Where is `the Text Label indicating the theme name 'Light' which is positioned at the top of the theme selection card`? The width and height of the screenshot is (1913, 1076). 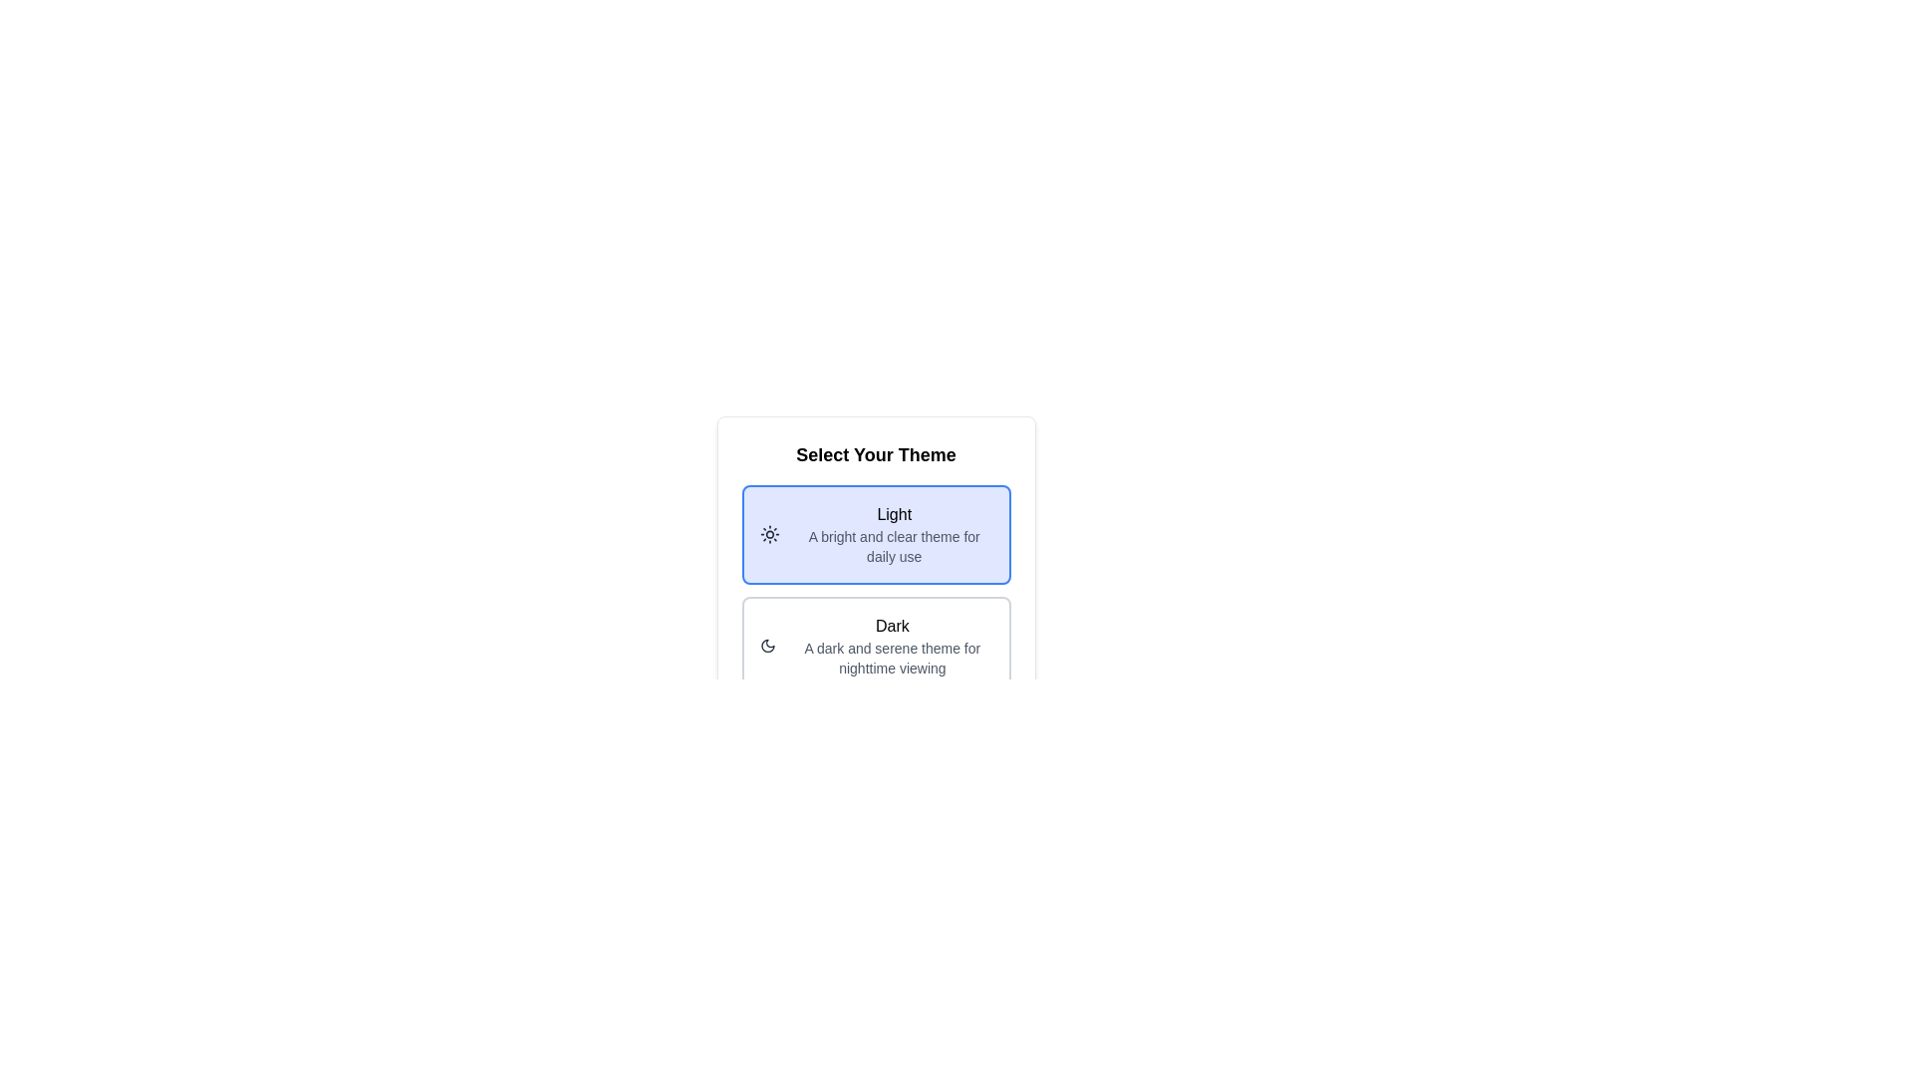
the Text Label indicating the theme name 'Light' which is positioned at the top of the theme selection card is located at coordinates (893, 513).